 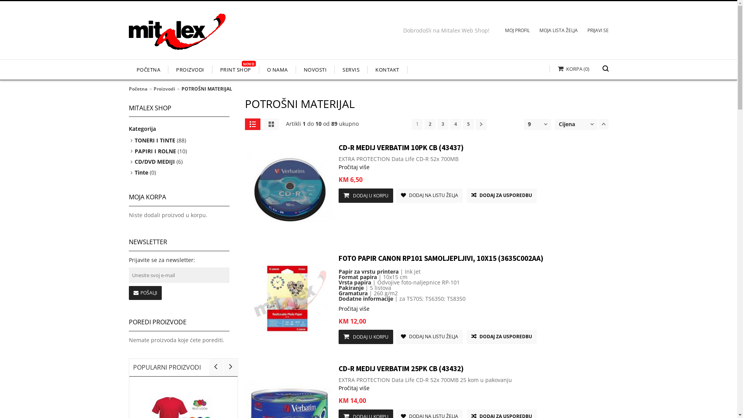 What do you see at coordinates (154, 161) in the screenshot?
I see `'CD/DVD MEDIJI'` at bounding box center [154, 161].